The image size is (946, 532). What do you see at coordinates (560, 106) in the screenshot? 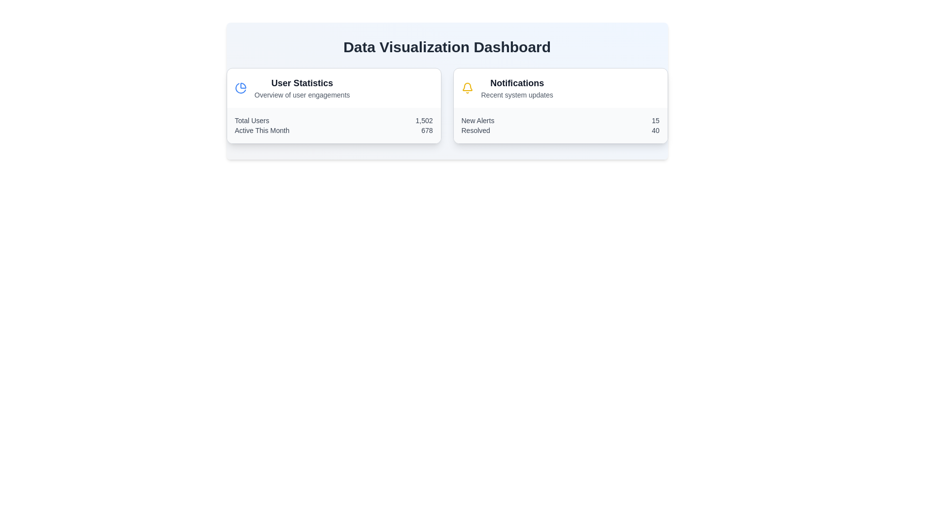
I see `the dashboard card for Notifications to view details` at bounding box center [560, 106].